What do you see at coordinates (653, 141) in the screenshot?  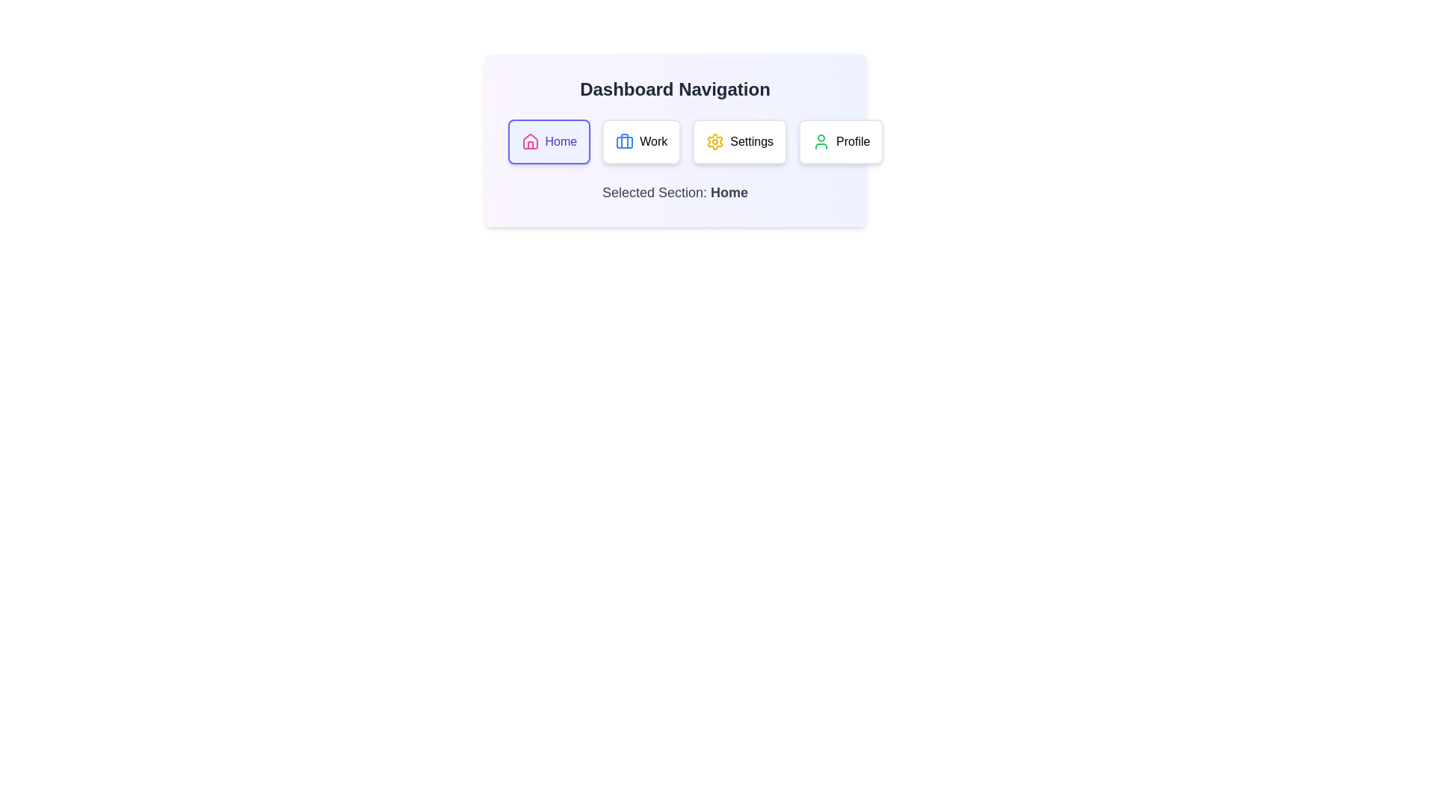 I see `the text label 'Work' within the button that has a blue briefcase icon` at bounding box center [653, 141].